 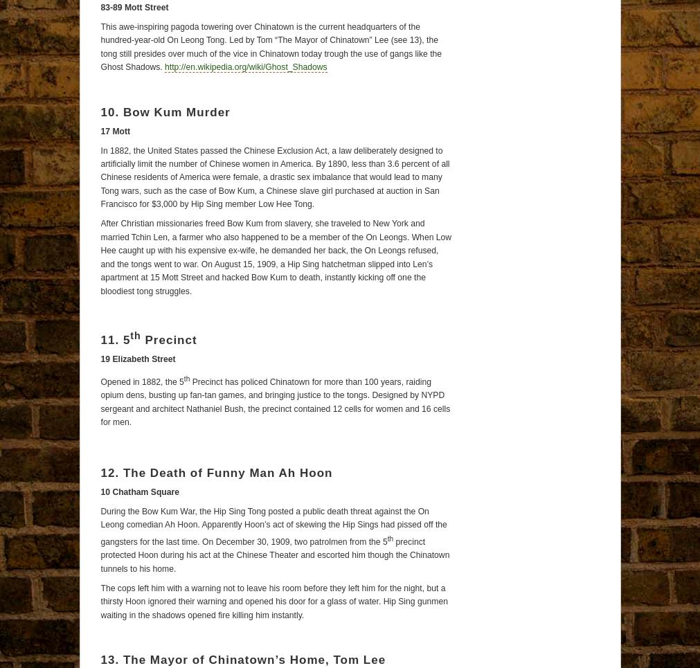 I want to click on 'The cops left him with a warning not to leave his room before they left him for the night, but a thirsty Hoon ignored their warning and opened his door for a glass of water. Hip Sing gunmen waiting in the shadows opened fire killing him instantly.', so click(x=273, y=601).